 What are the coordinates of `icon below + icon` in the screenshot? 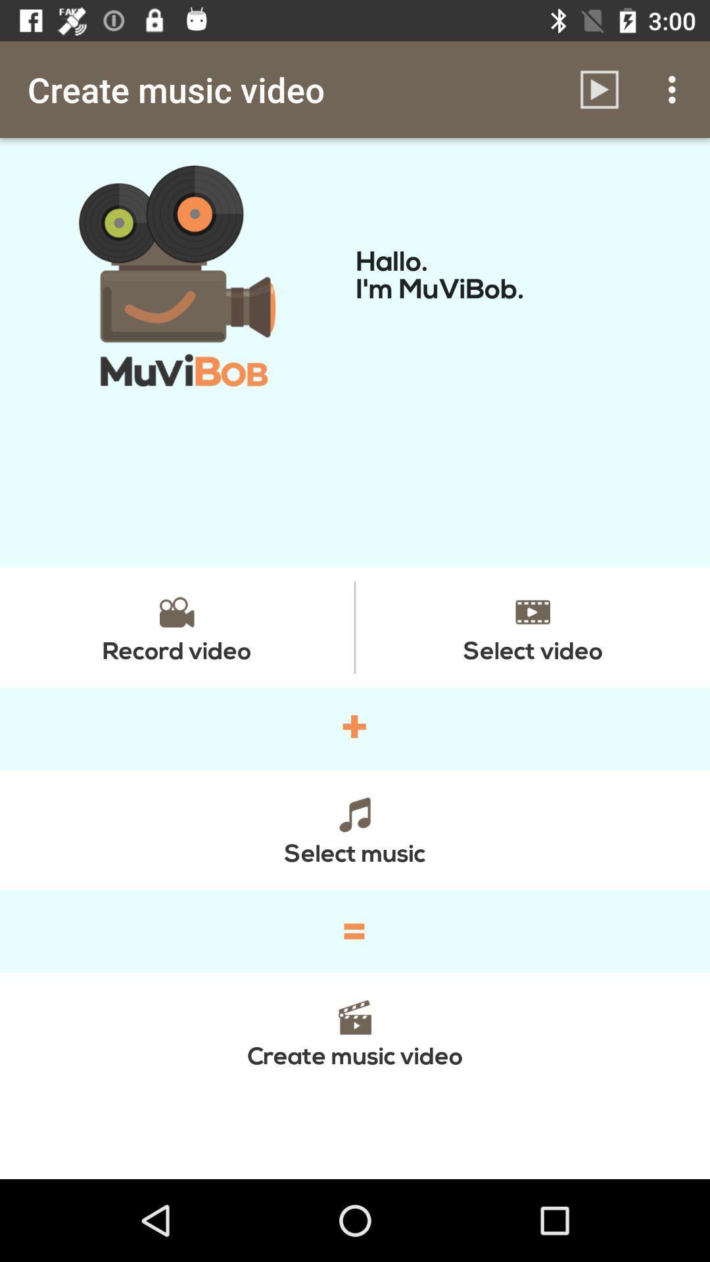 It's located at (355, 829).